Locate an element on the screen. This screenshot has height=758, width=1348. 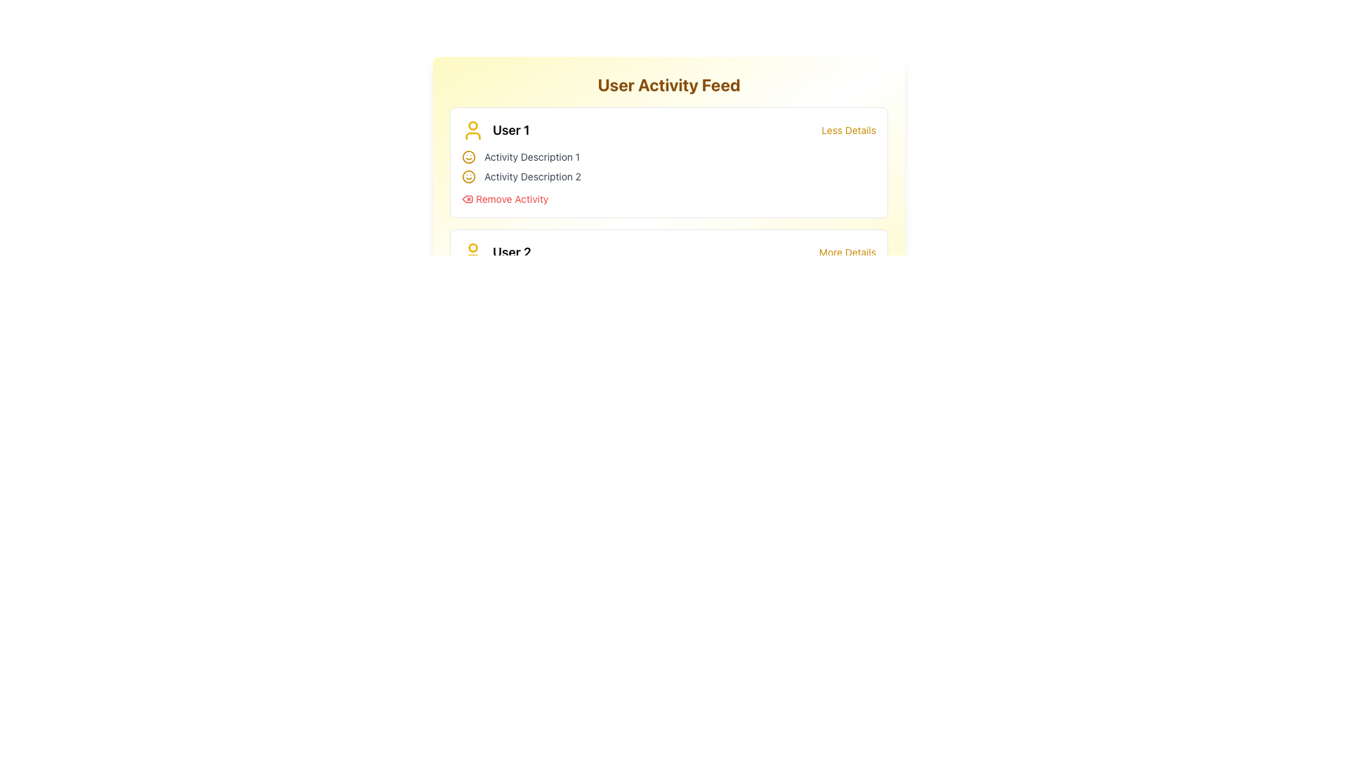
the 'Remove Activity' button, which is styled in red text with a trash bin icon, to provide interactive feedback is located at coordinates (505, 199).